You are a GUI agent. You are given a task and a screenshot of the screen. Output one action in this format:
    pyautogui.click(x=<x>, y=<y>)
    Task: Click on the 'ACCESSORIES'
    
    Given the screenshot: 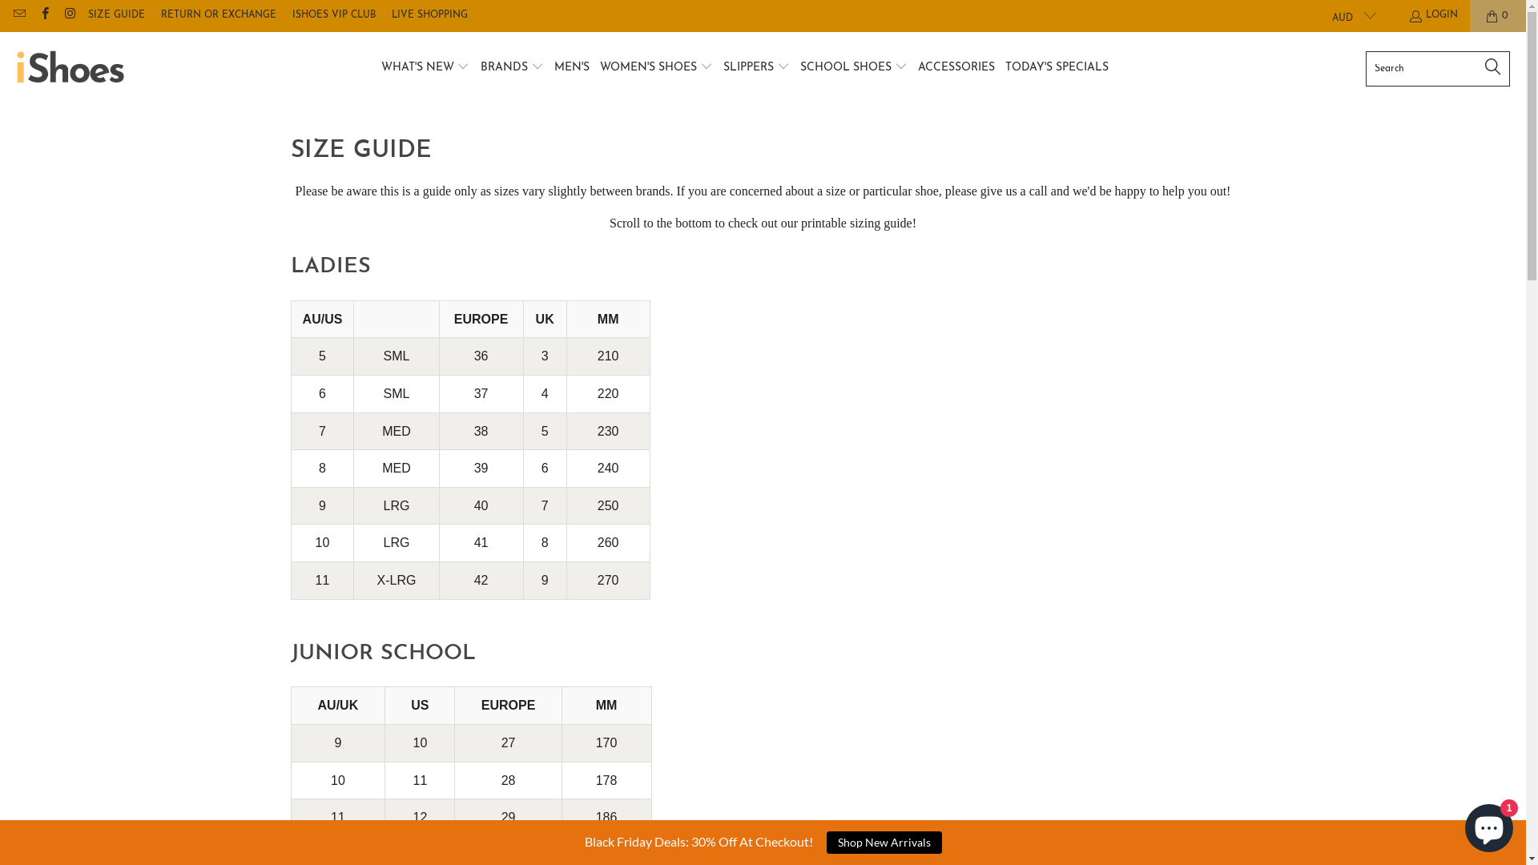 What is the action you would take?
    pyautogui.click(x=956, y=67)
    